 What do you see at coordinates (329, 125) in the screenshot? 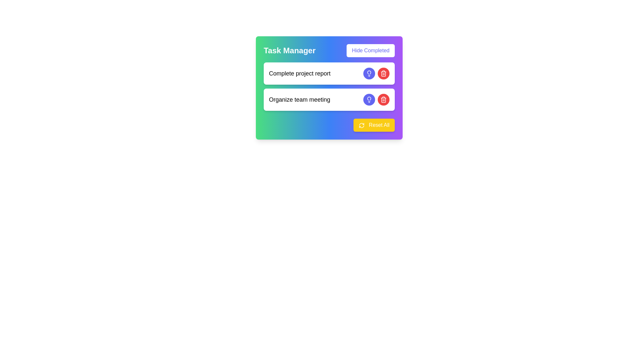
I see `the reset button located at the bottom right corner of the task manager interface` at bounding box center [329, 125].